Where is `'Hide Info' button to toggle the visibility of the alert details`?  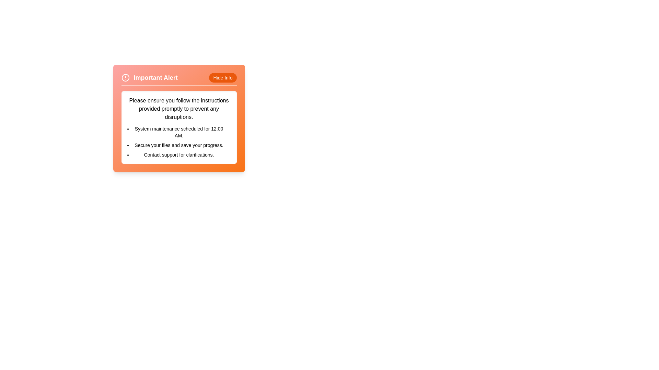
'Hide Info' button to toggle the visibility of the alert details is located at coordinates (222, 77).